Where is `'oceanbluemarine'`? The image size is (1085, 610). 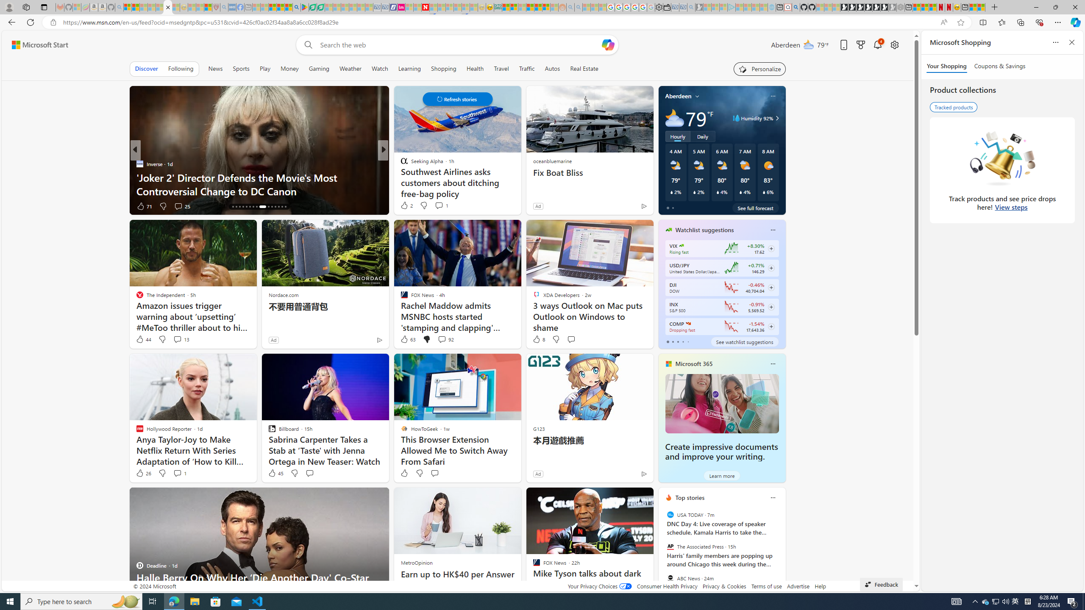 'oceanbluemarine' is located at coordinates (552, 161).